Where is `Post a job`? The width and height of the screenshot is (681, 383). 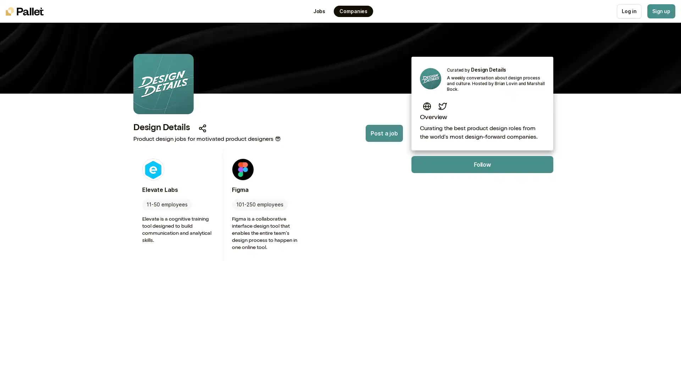 Post a job is located at coordinates (384, 133).